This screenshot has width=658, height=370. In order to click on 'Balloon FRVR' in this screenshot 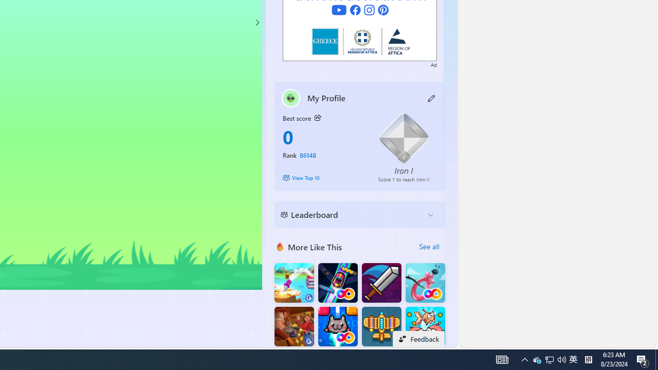, I will do `click(425, 283)`.